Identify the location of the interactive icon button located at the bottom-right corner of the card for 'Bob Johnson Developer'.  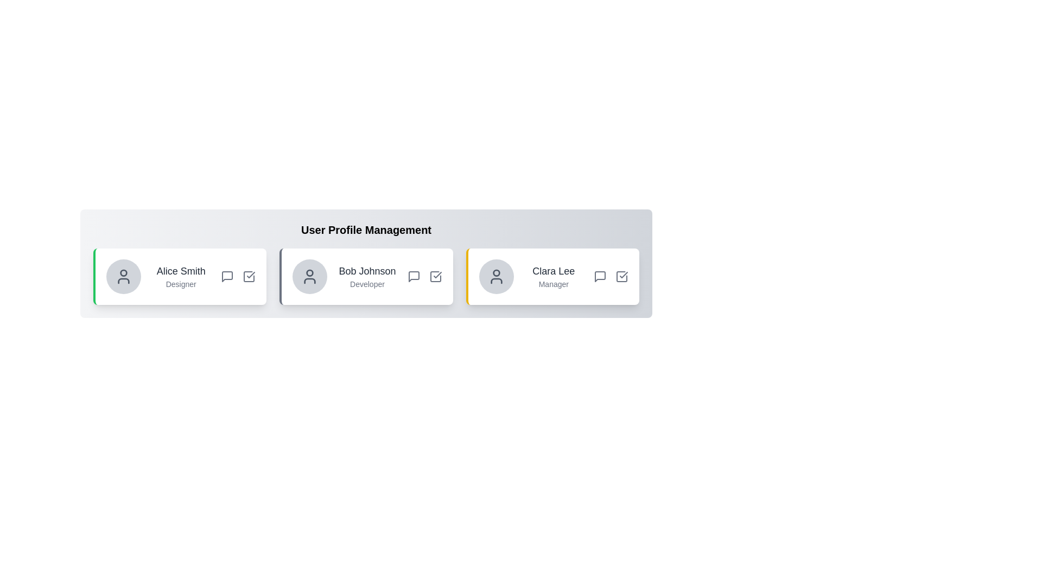
(435, 276).